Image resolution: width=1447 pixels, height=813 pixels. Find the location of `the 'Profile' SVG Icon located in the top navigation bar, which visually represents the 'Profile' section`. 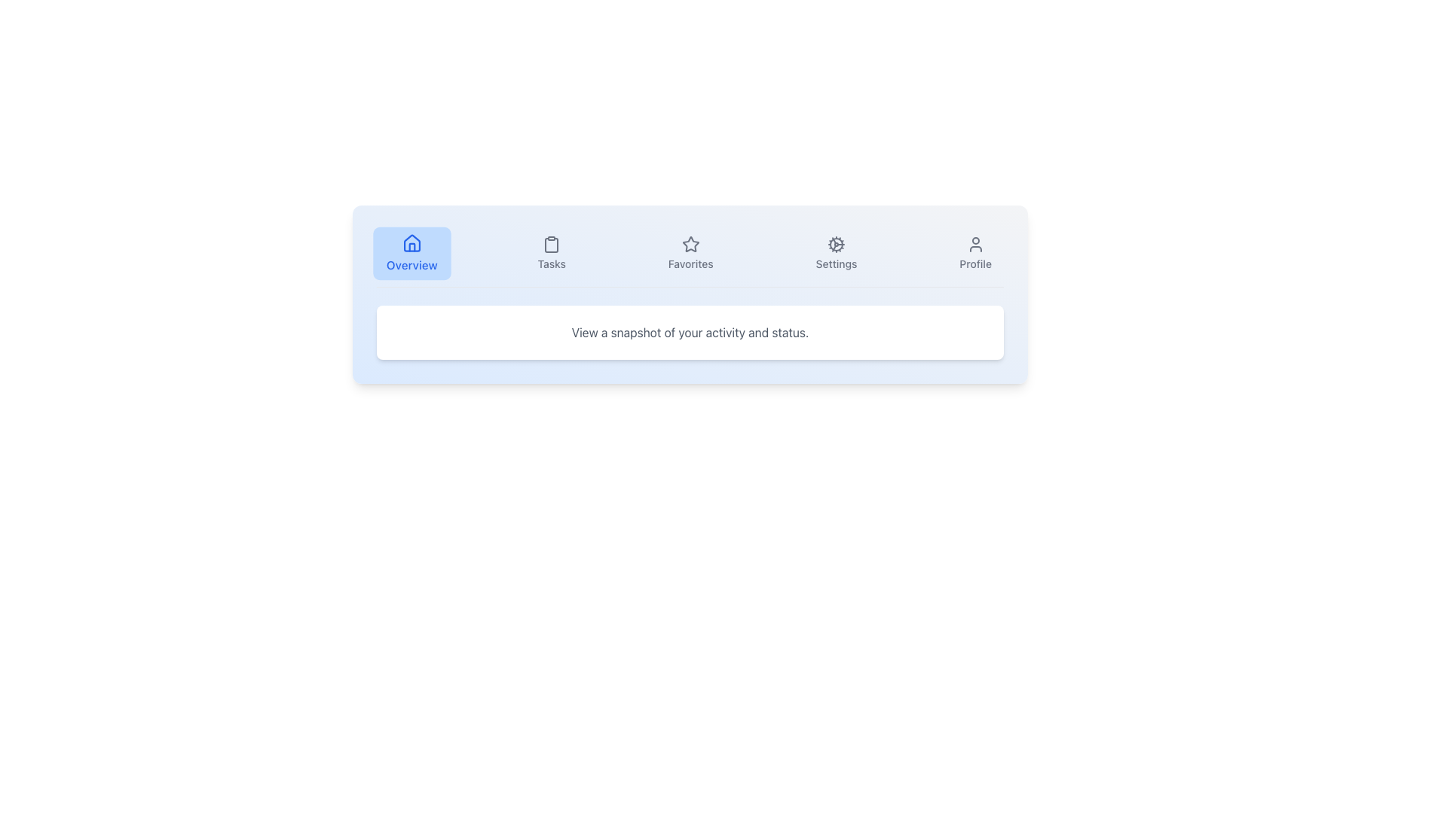

the 'Profile' SVG Icon located in the top navigation bar, which visually represents the 'Profile' section is located at coordinates (975, 243).